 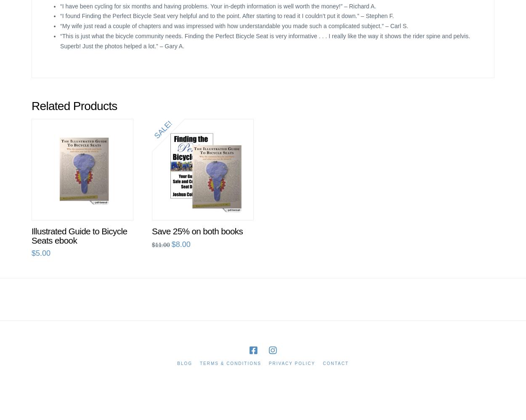 I want to click on 'Blog', so click(x=184, y=363).